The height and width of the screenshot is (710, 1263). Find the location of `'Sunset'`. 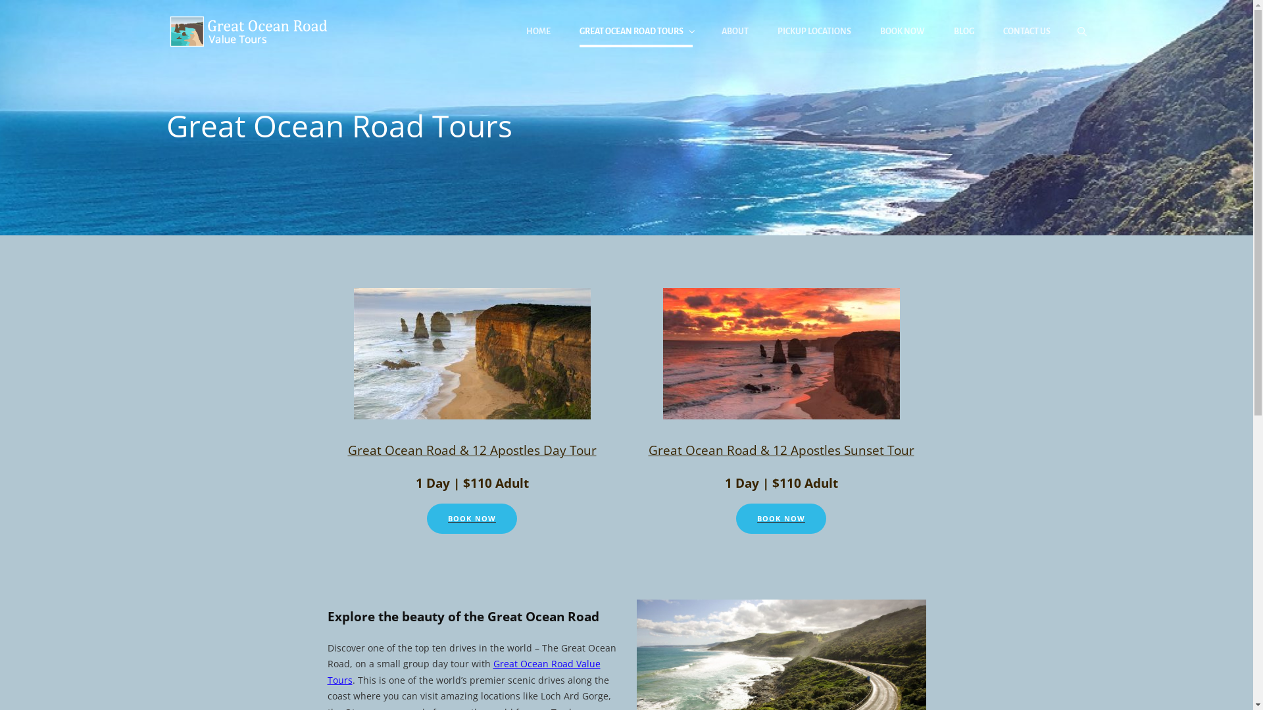

'Sunset' is located at coordinates (781, 352).